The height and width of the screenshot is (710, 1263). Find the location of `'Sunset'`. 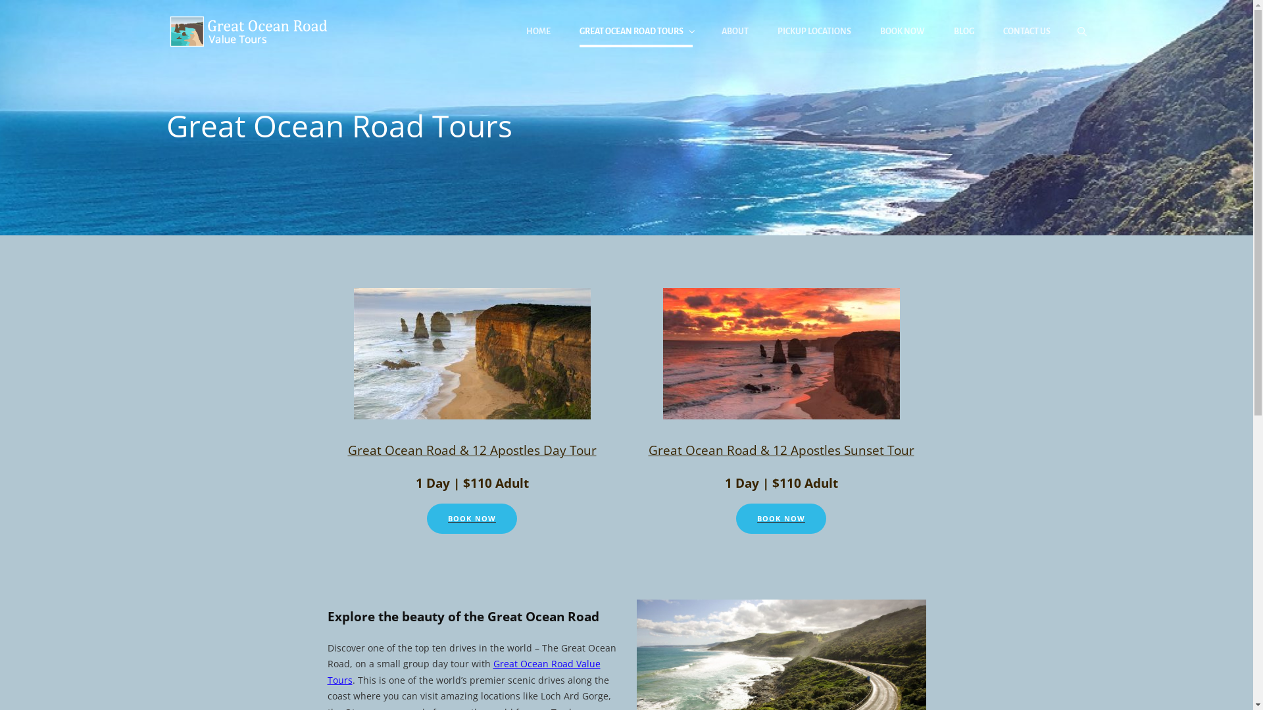

'Sunset' is located at coordinates (781, 352).